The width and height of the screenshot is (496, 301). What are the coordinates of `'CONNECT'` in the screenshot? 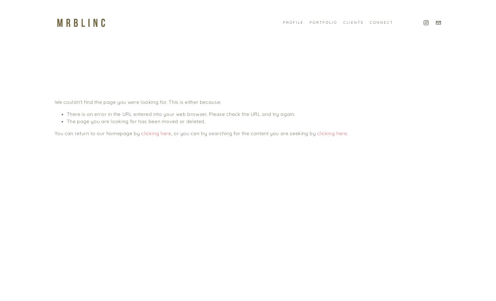 It's located at (381, 22).